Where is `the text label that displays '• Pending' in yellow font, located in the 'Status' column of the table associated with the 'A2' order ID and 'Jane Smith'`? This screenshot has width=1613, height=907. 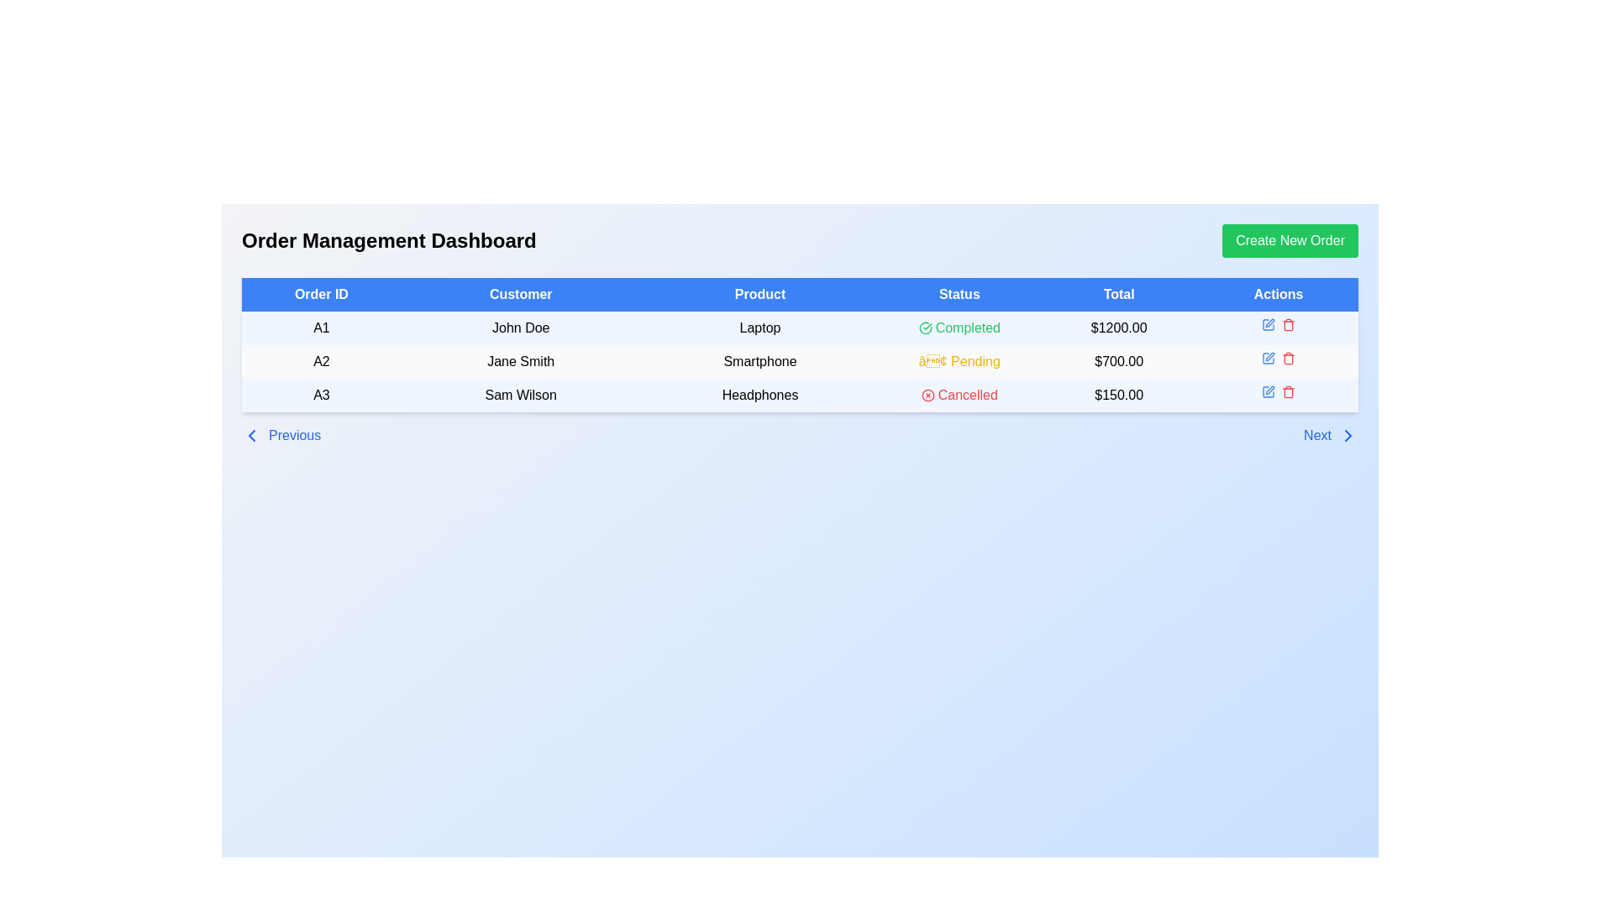 the text label that displays '• Pending' in yellow font, located in the 'Status' column of the table associated with the 'A2' order ID and 'Jane Smith' is located at coordinates (959, 361).